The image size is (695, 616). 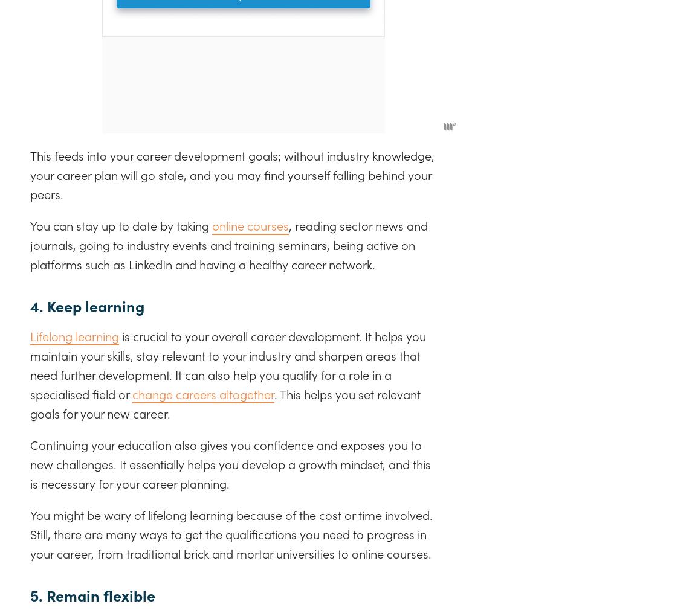 What do you see at coordinates (230, 463) in the screenshot?
I see `'Continuing your education also gives you confidence and exposes you to new challenges. It essentially helps you develop a growth mindset, and this is necessary for your career planning.'` at bounding box center [230, 463].